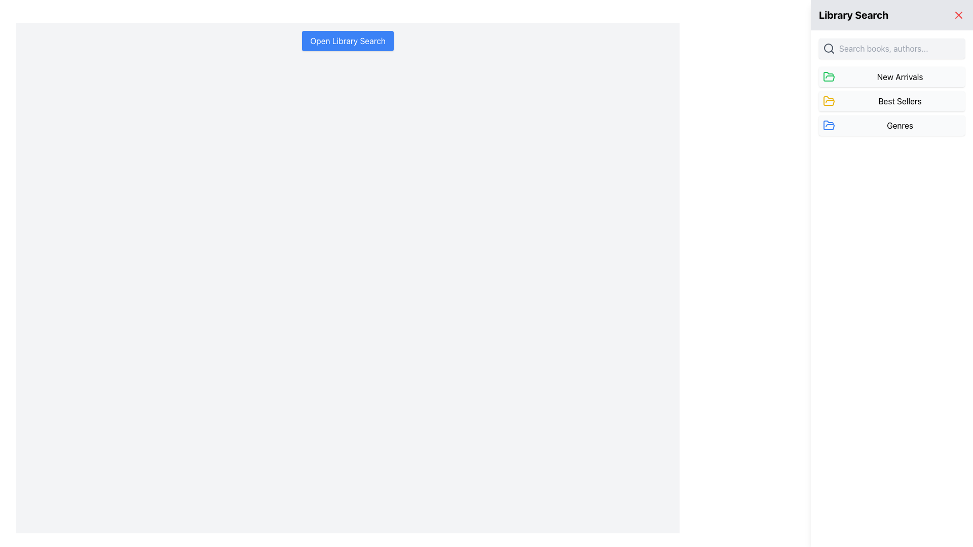  What do you see at coordinates (829, 101) in the screenshot?
I see `the 'Best Sellers' icon in the library search panel` at bounding box center [829, 101].